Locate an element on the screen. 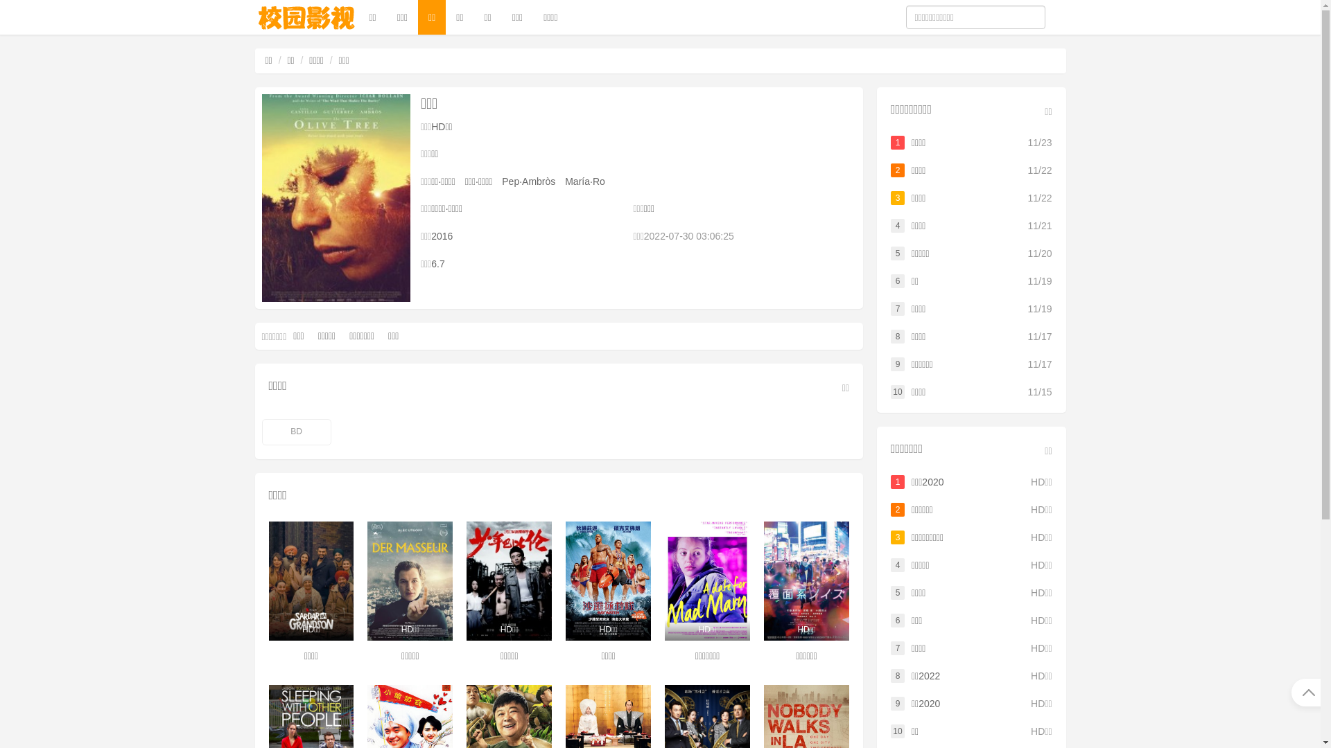 This screenshot has width=1331, height=748. 'BD' is located at coordinates (295, 431).